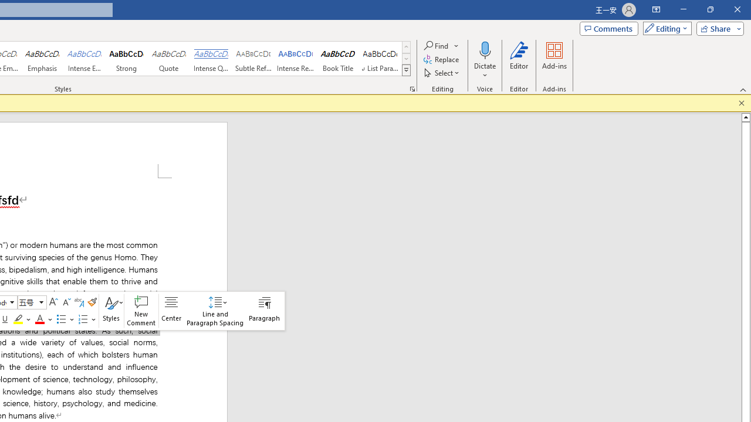 The width and height of the screenshot is (751, 422). I want to click on 'Line up', so click(745, 117).